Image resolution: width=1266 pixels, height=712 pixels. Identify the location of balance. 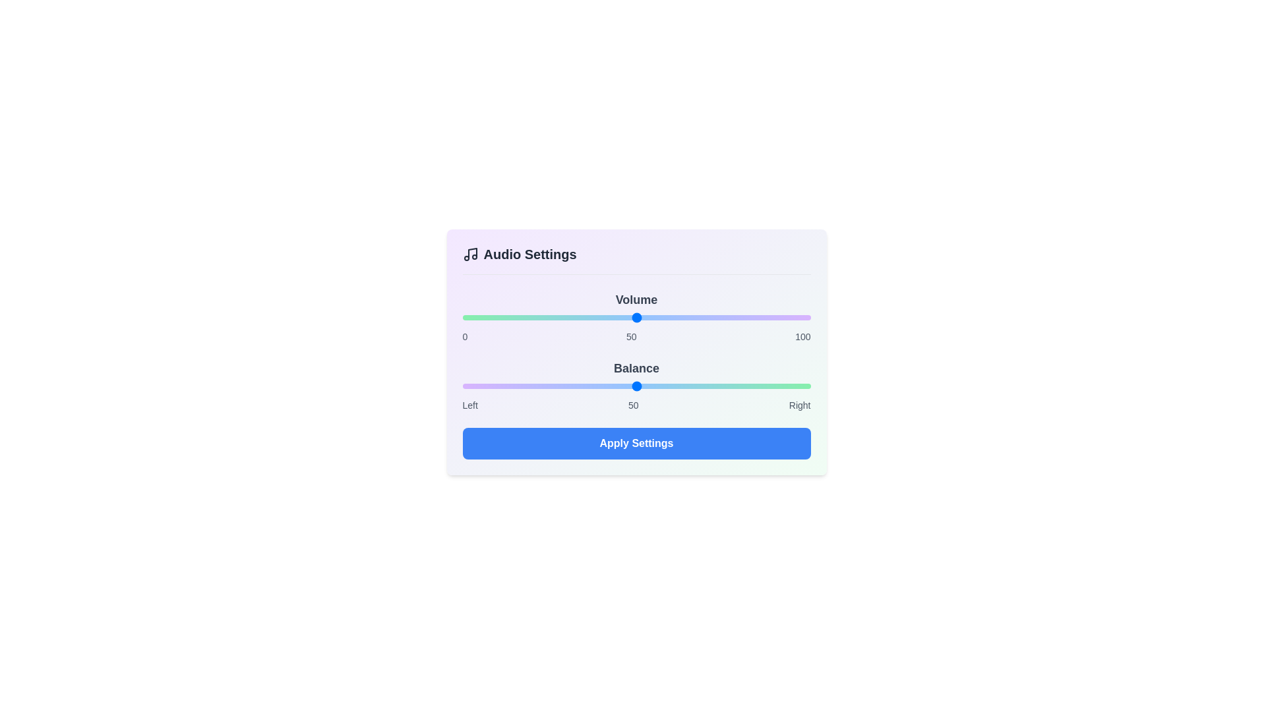
(469, 386).